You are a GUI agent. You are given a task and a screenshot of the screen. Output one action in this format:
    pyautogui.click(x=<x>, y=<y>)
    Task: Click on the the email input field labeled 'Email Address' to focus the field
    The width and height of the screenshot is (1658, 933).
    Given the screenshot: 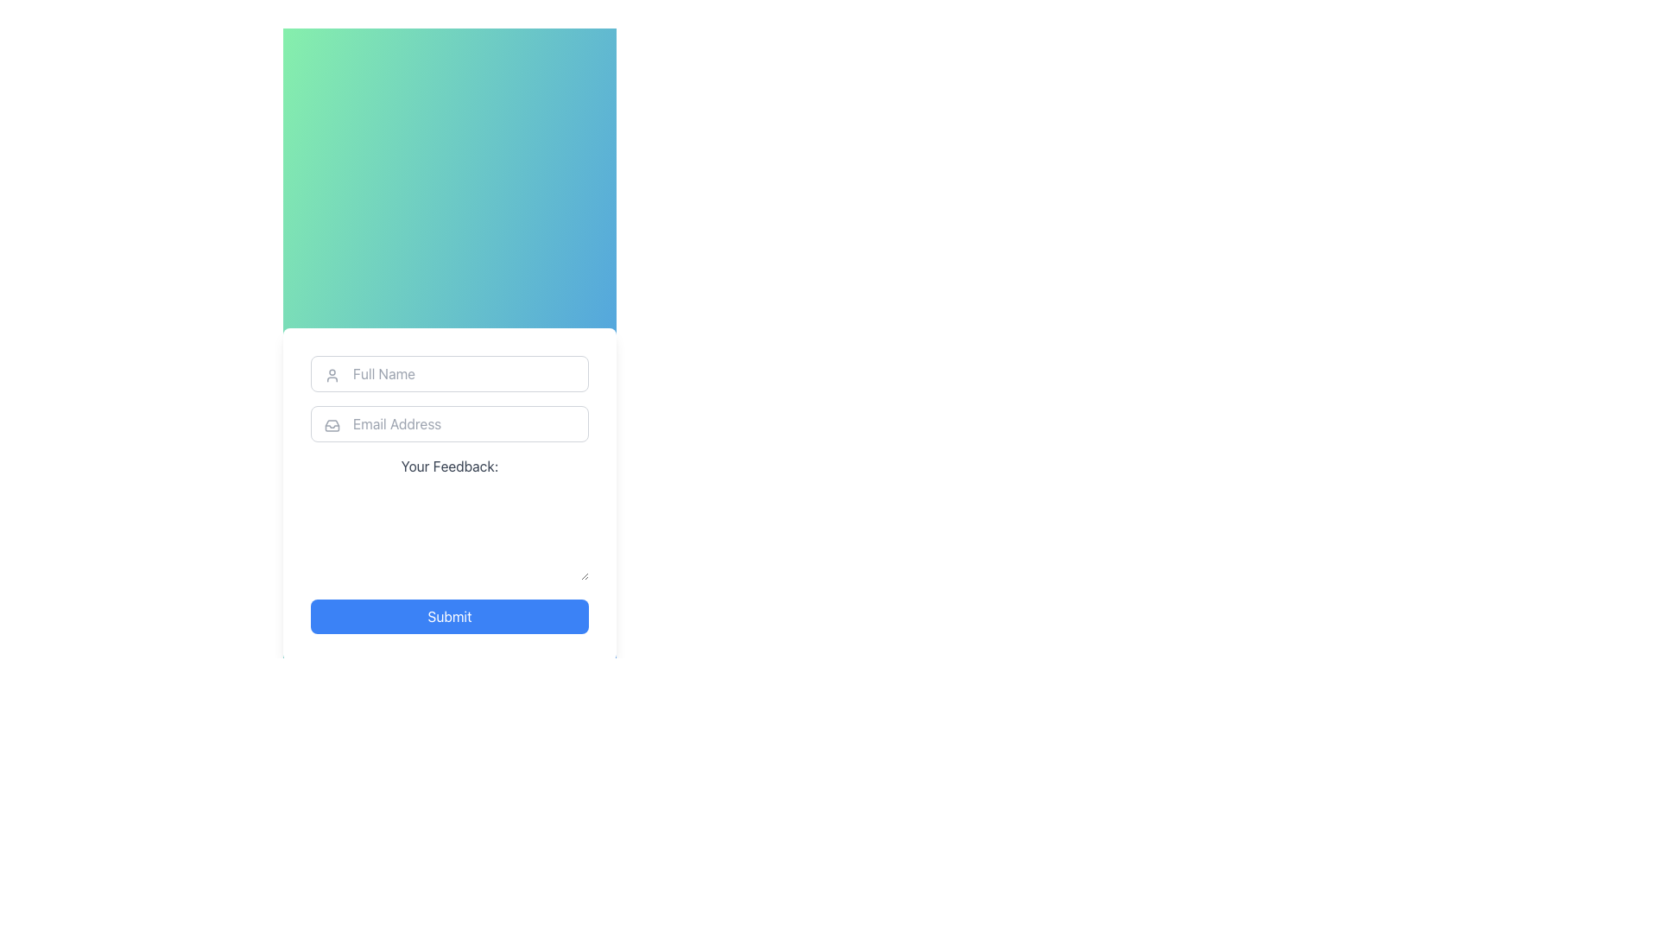 What is the action you would take?
    pyautogui.click(x=450, y=423)
    